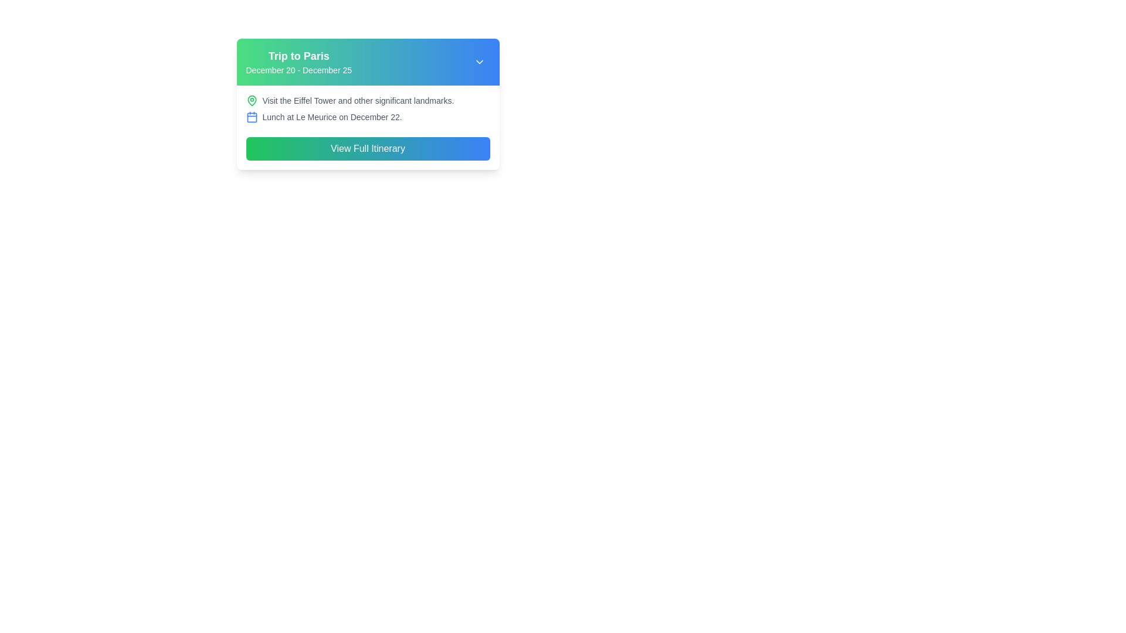 The height and width of the screenshot is (633, 1126). Describe the element at coordinates (331, 117) in the screenshot. I see `the itinerary event description for a lunch appointment located below the 'Visit the Eiffel Tower and other significant landmarks.' text and to the right of the calendar icon, appearing as the second item under the title 'Trip to Paris'` at that location.